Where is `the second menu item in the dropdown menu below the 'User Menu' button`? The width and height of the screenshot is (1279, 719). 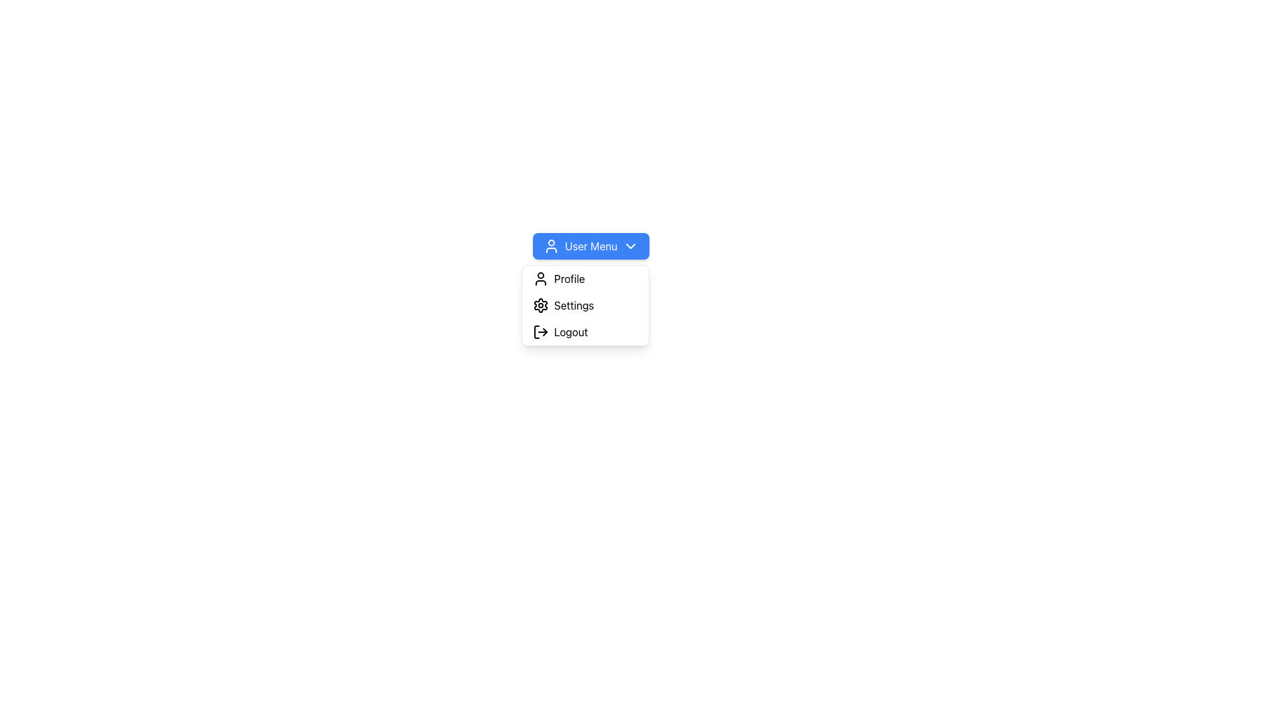
the second menu item in the dropdown menu below the 'User Menu' button is located at coordinates (585, 306).